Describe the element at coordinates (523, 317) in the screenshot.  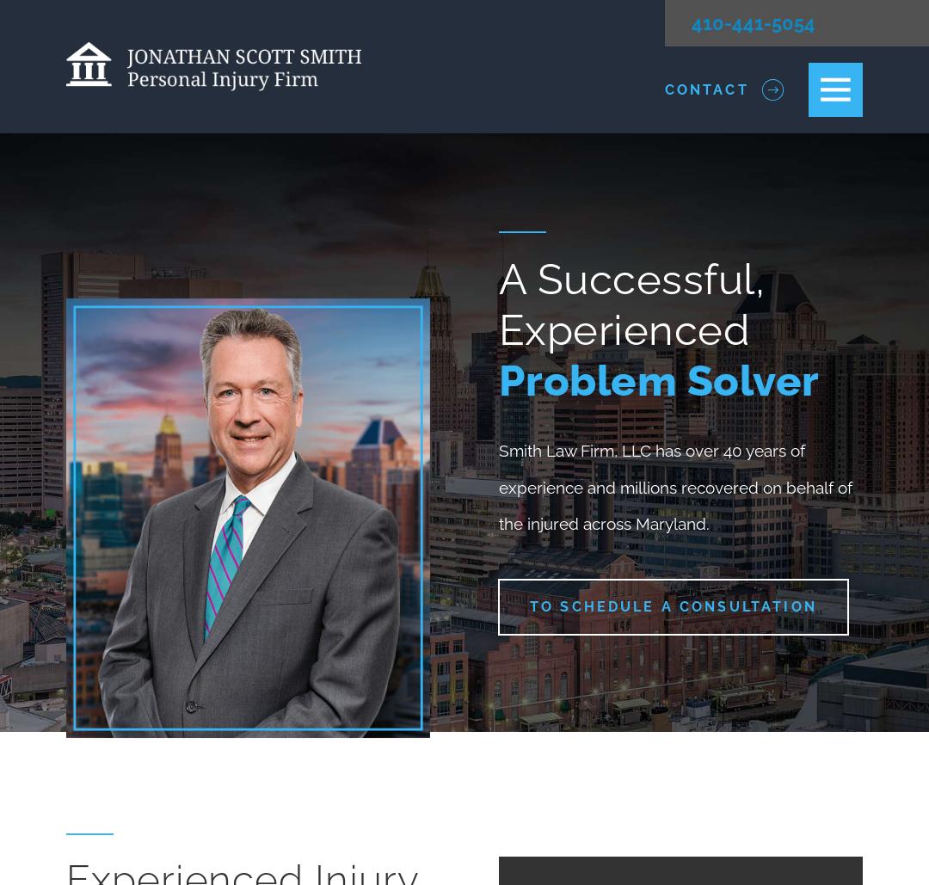
I see `'Motorcycle Accident'` at that location.